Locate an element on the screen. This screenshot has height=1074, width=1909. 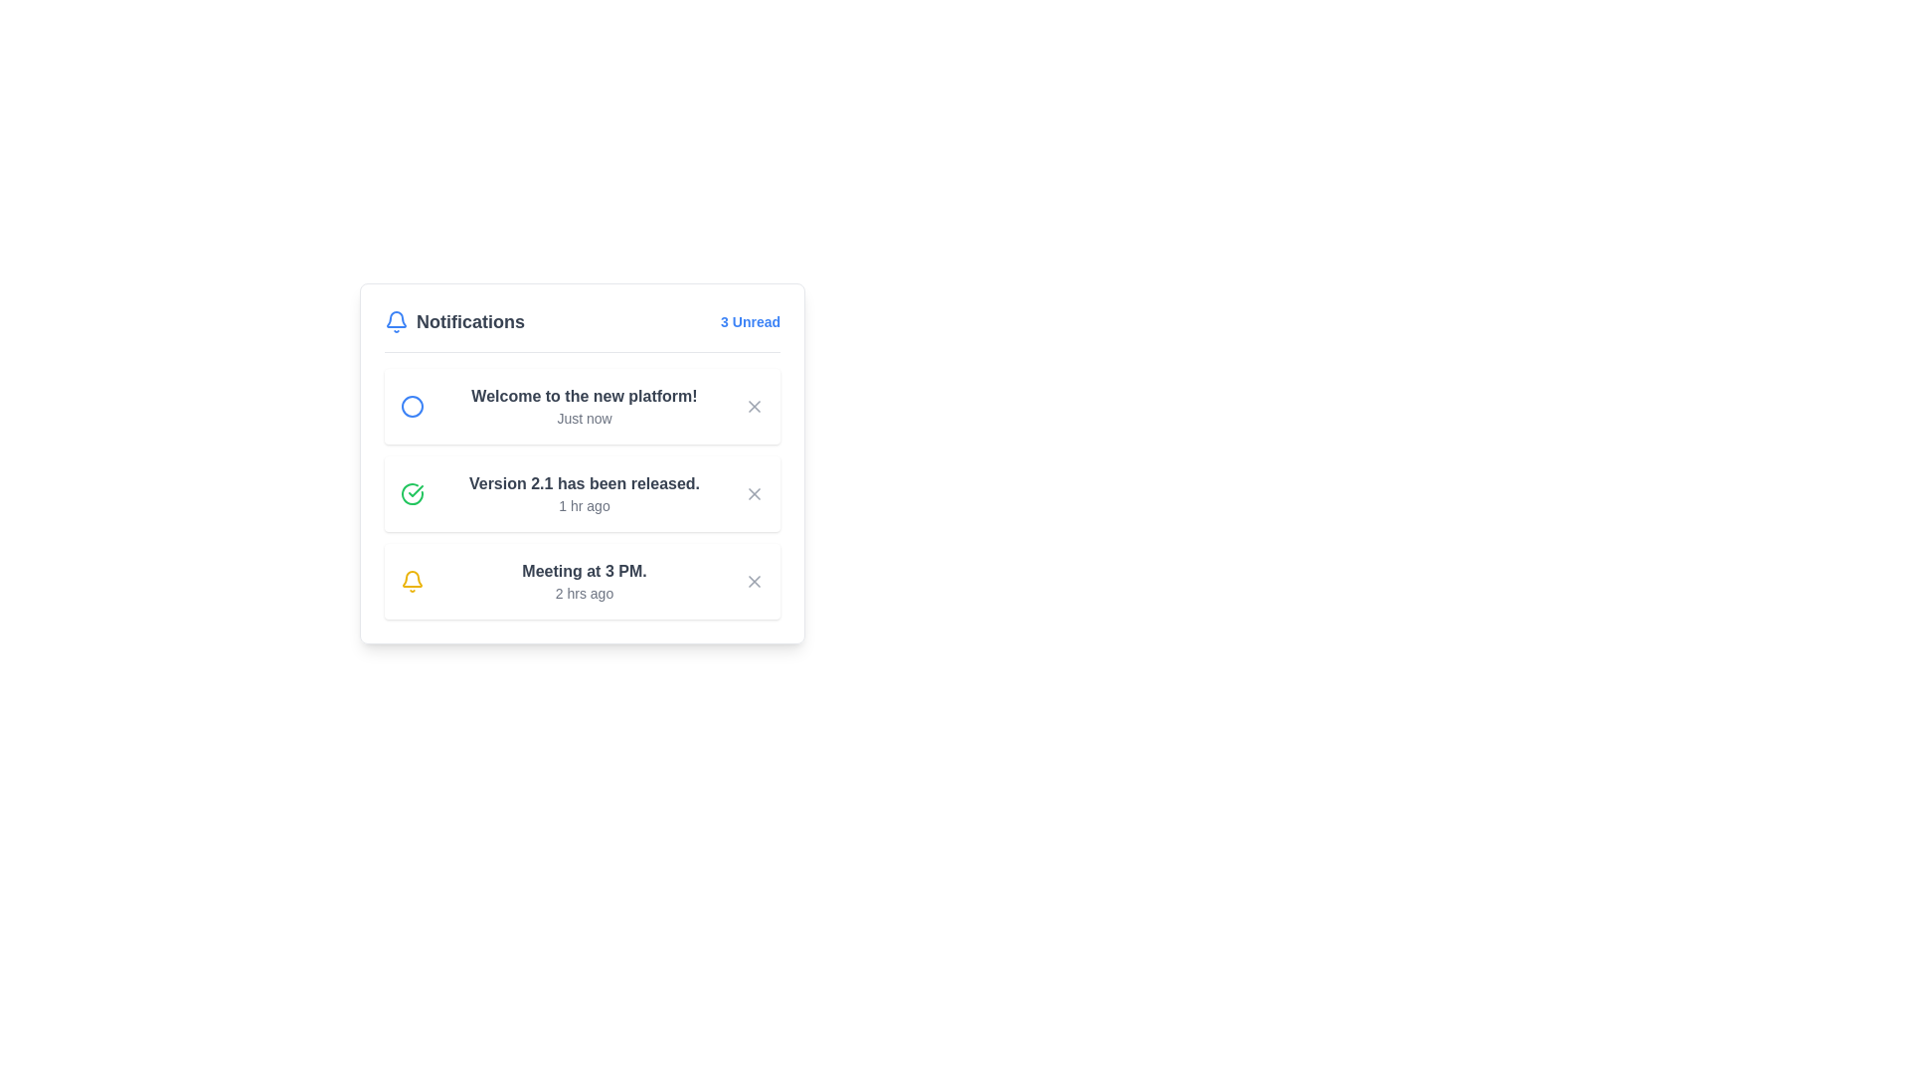
the close button associated with the notification titled 'Version 2.1 has been released.' is located at coordinates (753, 493).